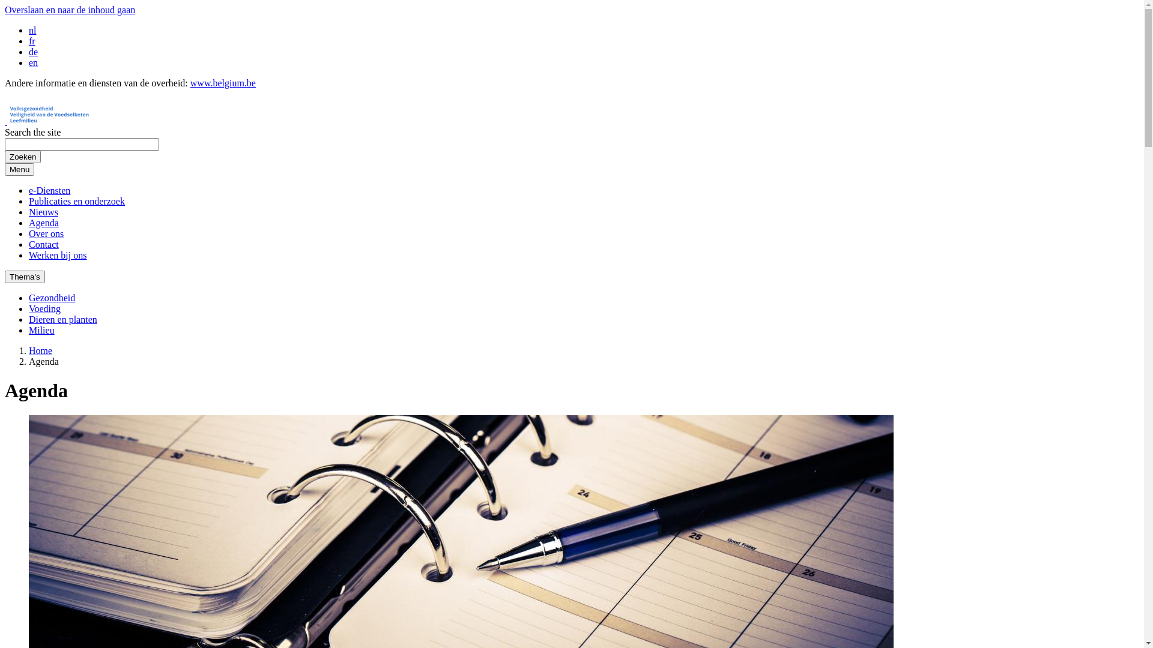 The image size is (1153, 648). I want to click on 'Over ons', so click(46, 233).